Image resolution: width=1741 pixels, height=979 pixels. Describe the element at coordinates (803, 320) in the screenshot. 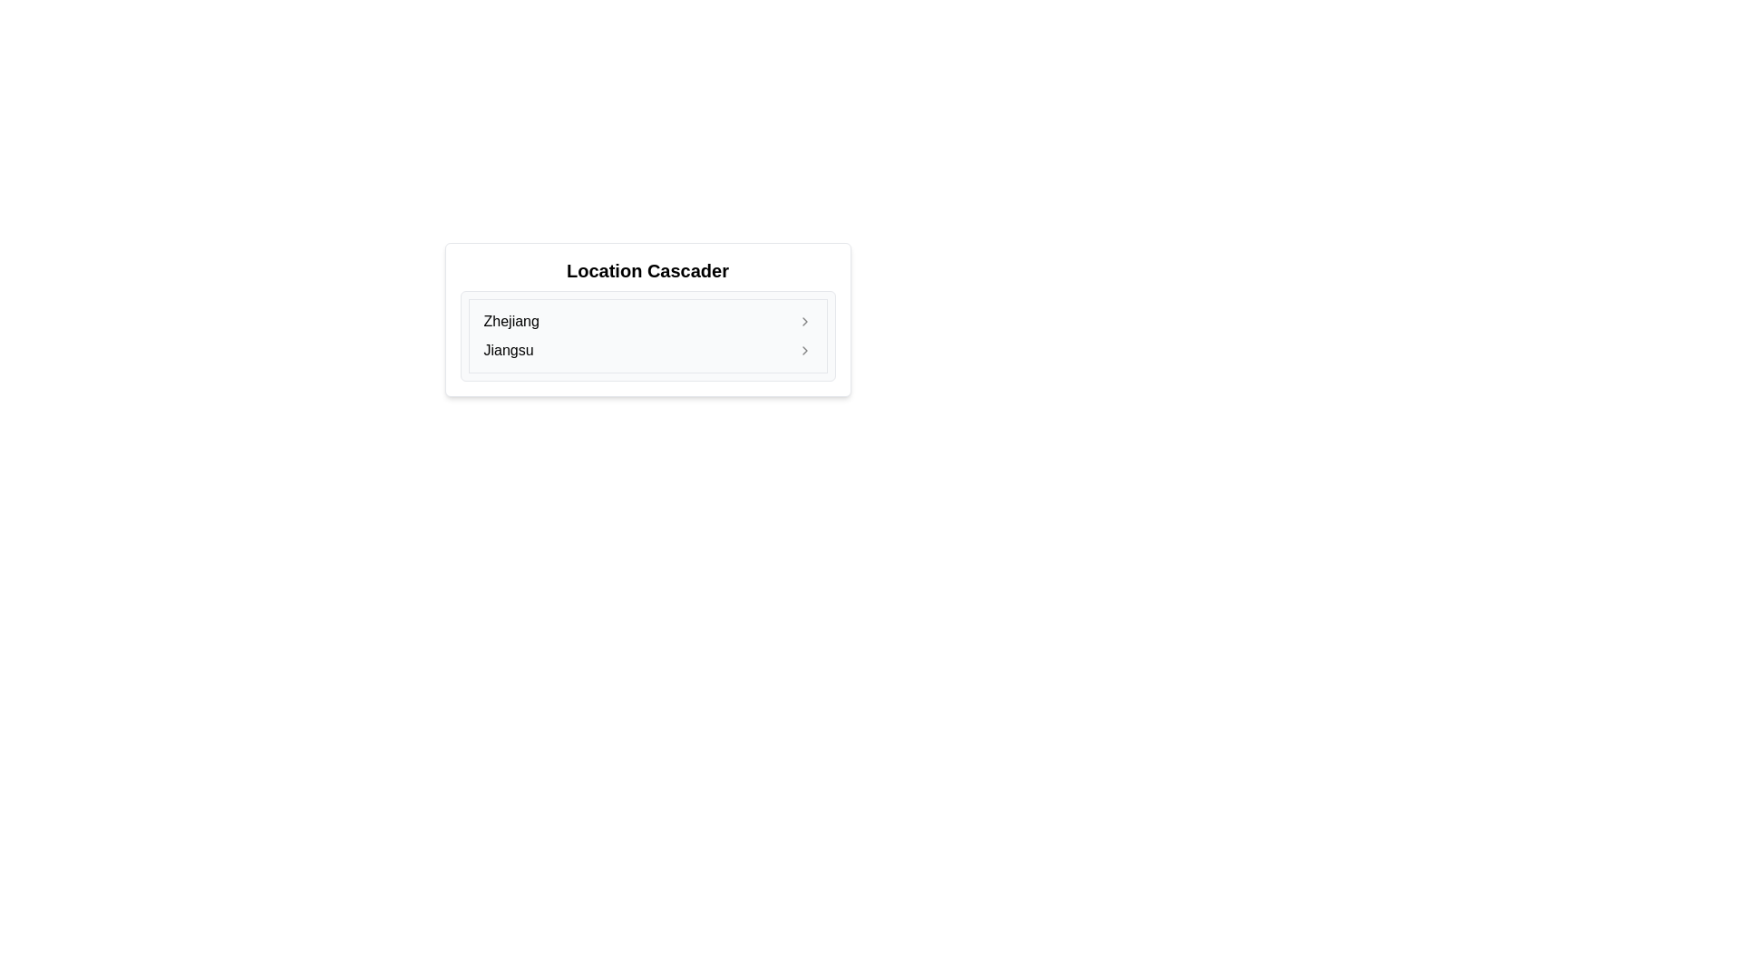

I see `the chevron icon located to the far right of the 'Zhejiang' entry` at that location.